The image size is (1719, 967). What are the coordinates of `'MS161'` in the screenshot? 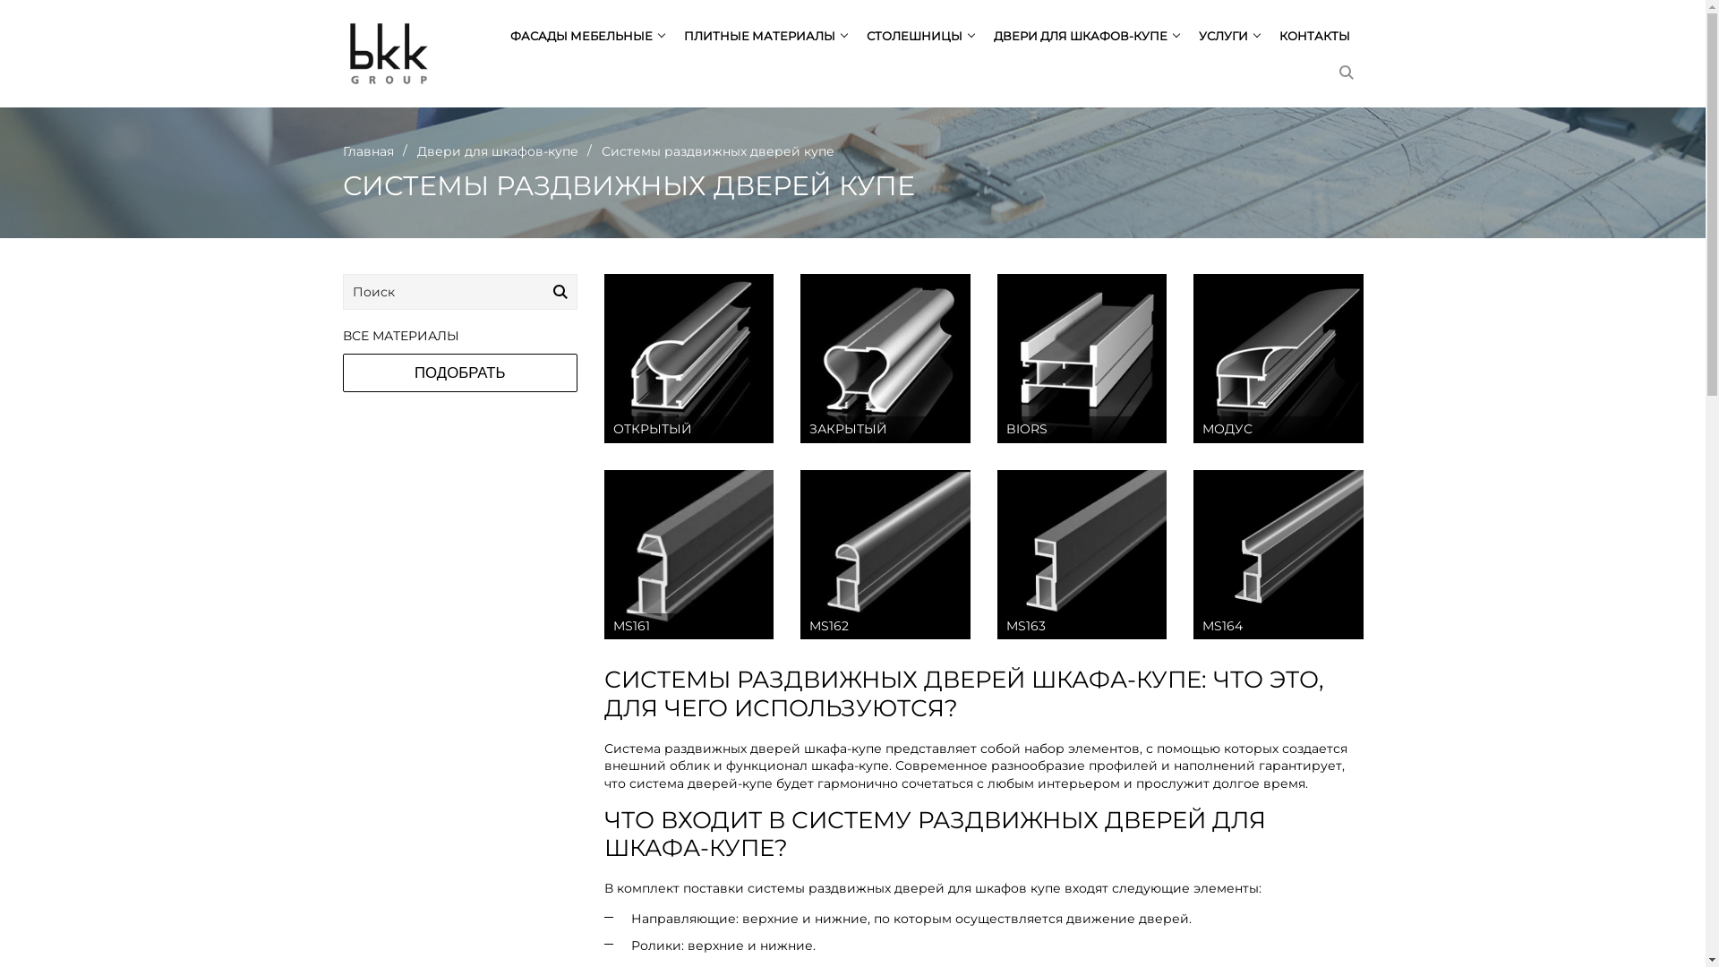 It's located at (688, 553).